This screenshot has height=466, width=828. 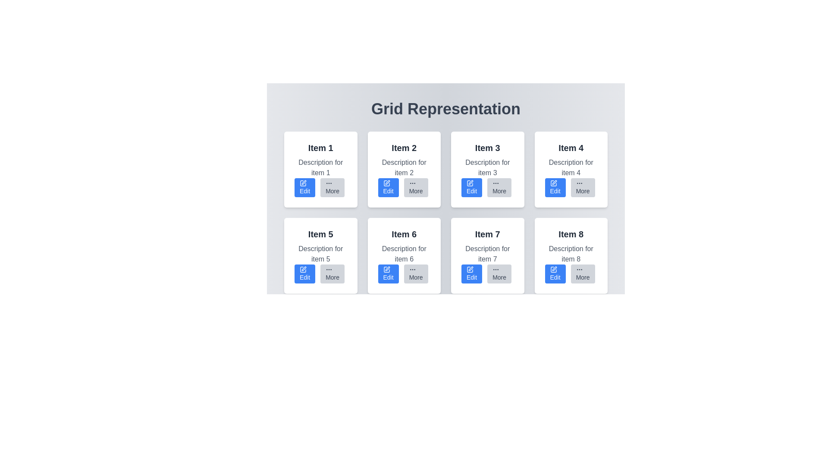 What do you see at coordinates (329, 183) in the screenshot?
I see `the decorative icon within the 'More' button of the second item in the grid structure, indicating additional actions or options are available` at bounding box center [329, 183].